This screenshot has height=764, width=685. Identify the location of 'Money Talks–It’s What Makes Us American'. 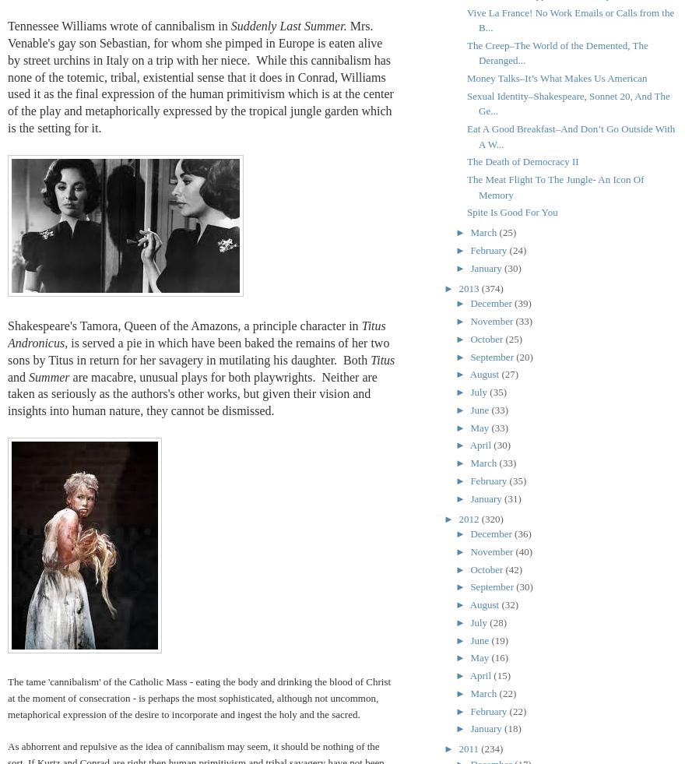
(557, 77).